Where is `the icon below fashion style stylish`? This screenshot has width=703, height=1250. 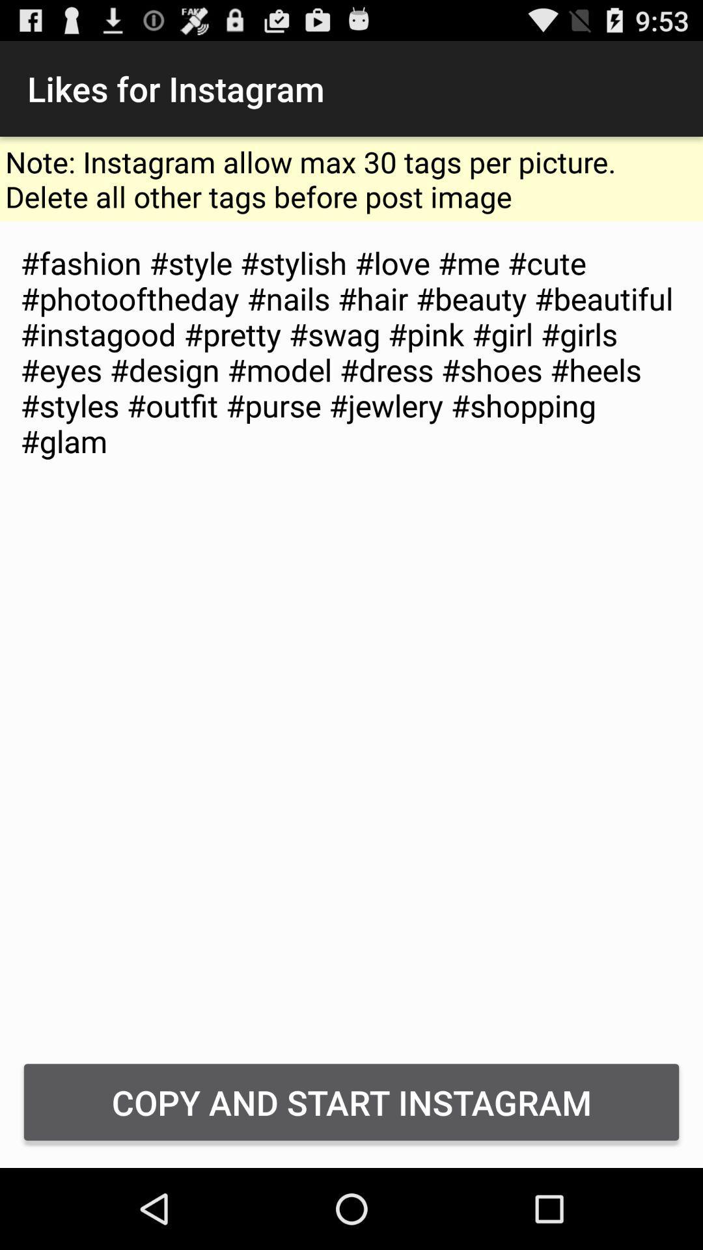
the icon below fashion style stylish is located at coordinates (351, 1102).